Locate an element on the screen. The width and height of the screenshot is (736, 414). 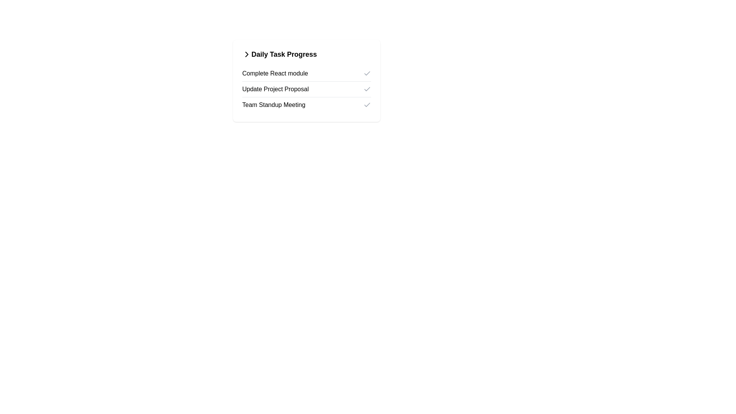
the text label displaying 'Update Project Proposal', which is the second entry in the 'Daily Task Progress' list is located at coordinates (275, 89).